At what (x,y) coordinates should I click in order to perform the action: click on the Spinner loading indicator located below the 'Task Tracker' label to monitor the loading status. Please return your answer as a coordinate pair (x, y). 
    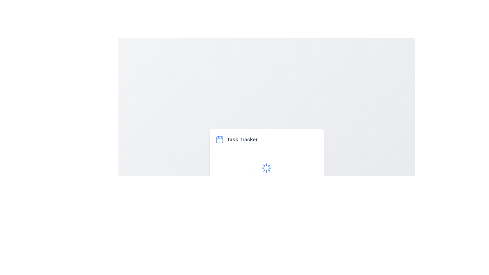
    Looking at the image, I should click on (266, 168).